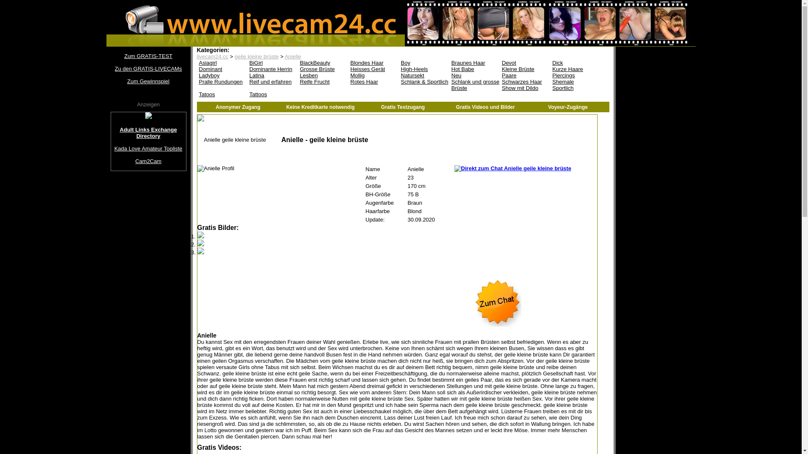  What do you see at coordinates (323, 75) in the screenshot?
I see `'Lesben'` at bounding box center [323, 75].